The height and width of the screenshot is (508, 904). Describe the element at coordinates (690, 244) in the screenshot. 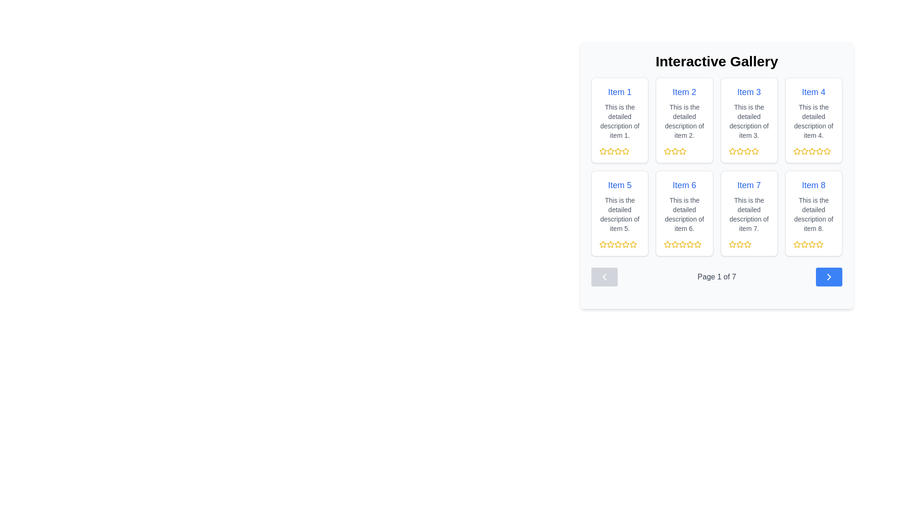

I see `across the fourth yellow rating star icon` at that location.